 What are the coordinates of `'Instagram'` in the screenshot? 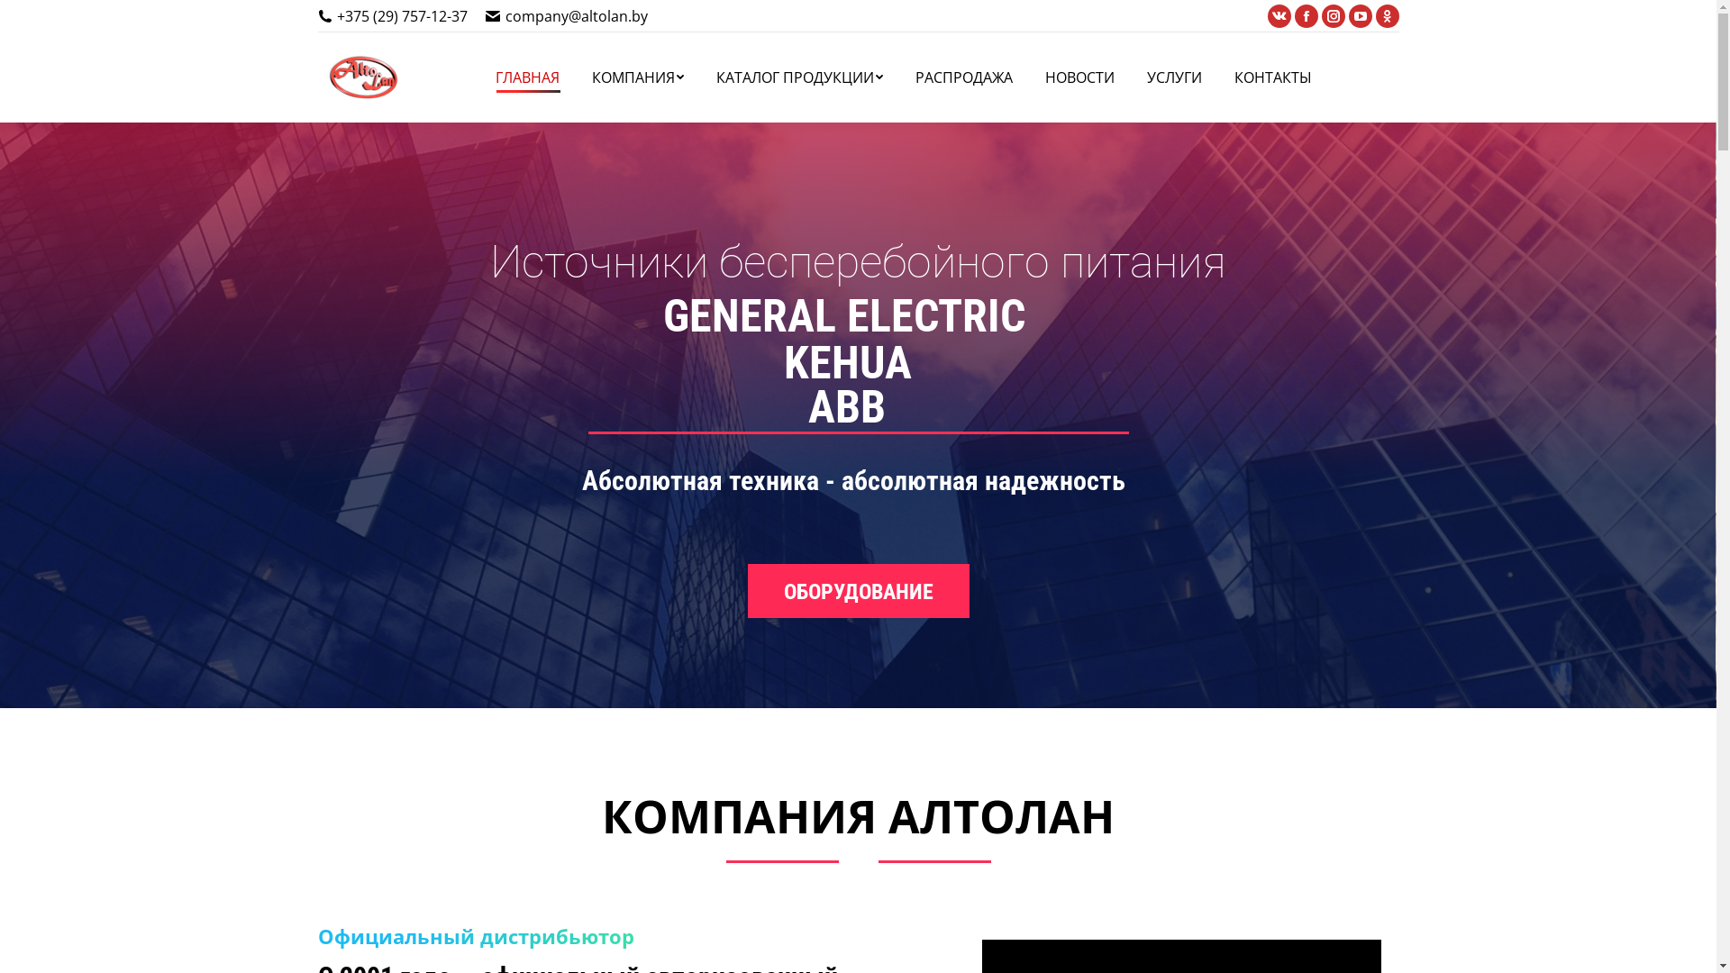 It's located at (1332, 16).